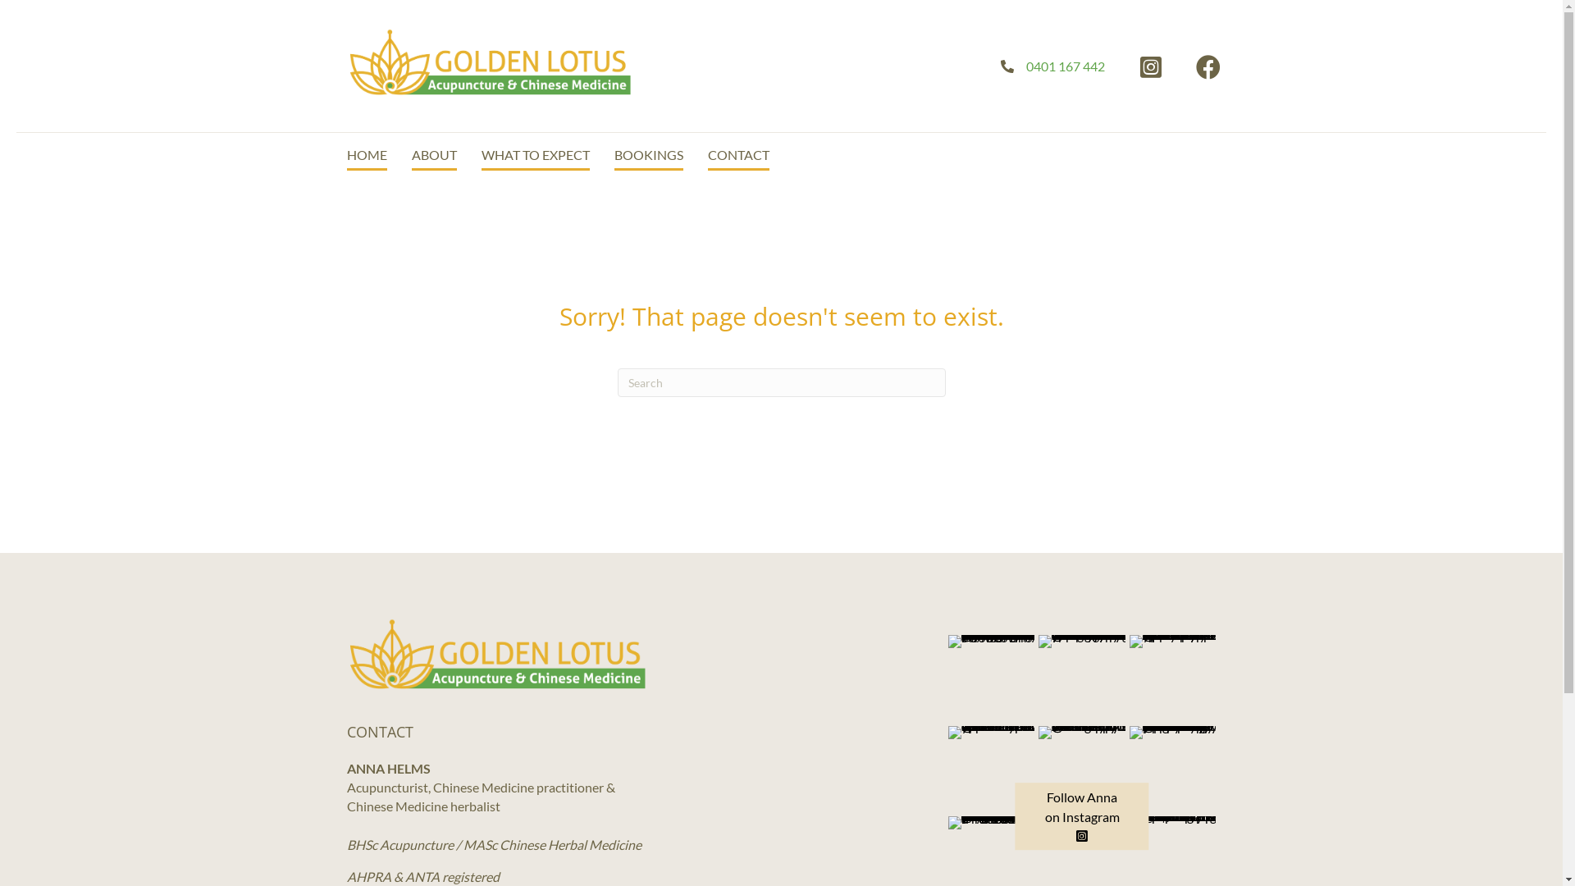  What do you see at coordinates (779, 382) in the screenshot?
I see `'Type and press Enter to search.'` at bounding box center [779, 382].